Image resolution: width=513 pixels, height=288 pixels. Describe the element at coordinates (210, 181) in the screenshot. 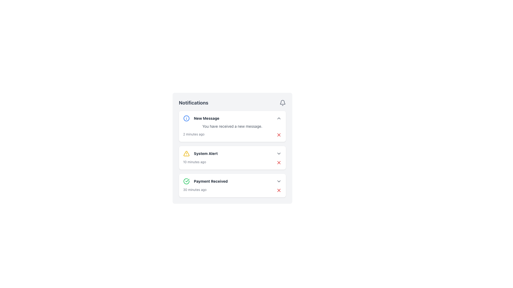

I see `text from the 'Payment Received' notification label, which is styled in bold gray font and located in the bottom notification card of the notifications panel` at that location.